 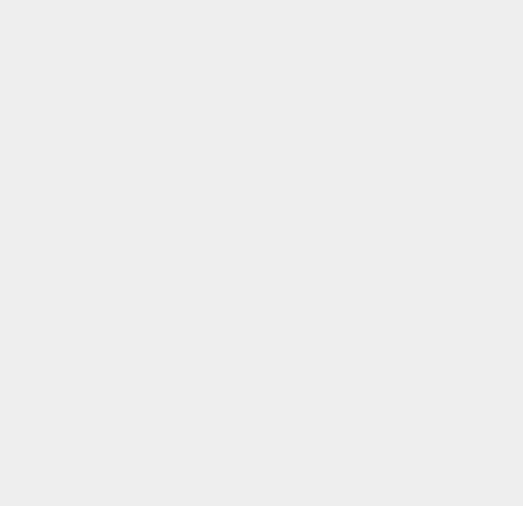 I want to click on 'Windows Apps', so click(x=392, y=134).